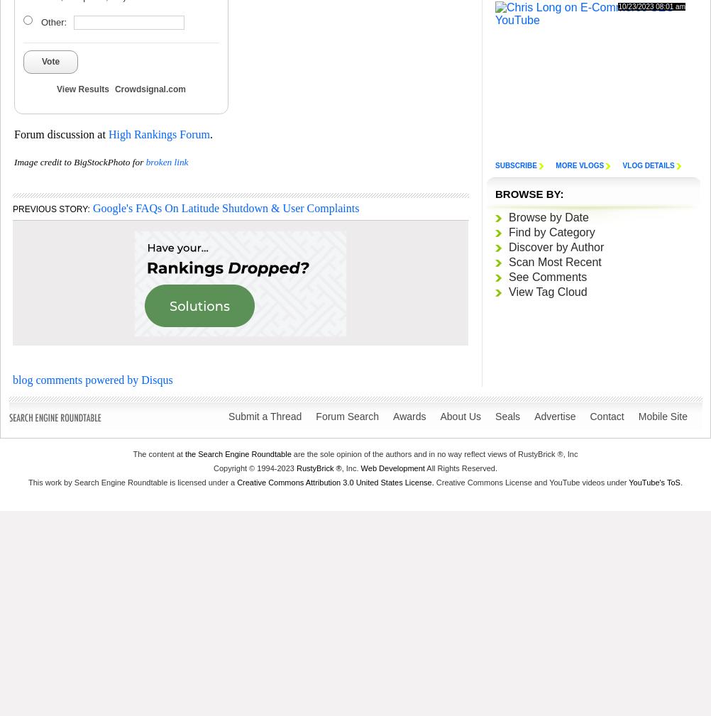 The height and width of the screenshot is (716, 711). What do you see at coordinates (350, 467) in the screenshot?
I see `', Inc.'` at bounding box center [350, 467].